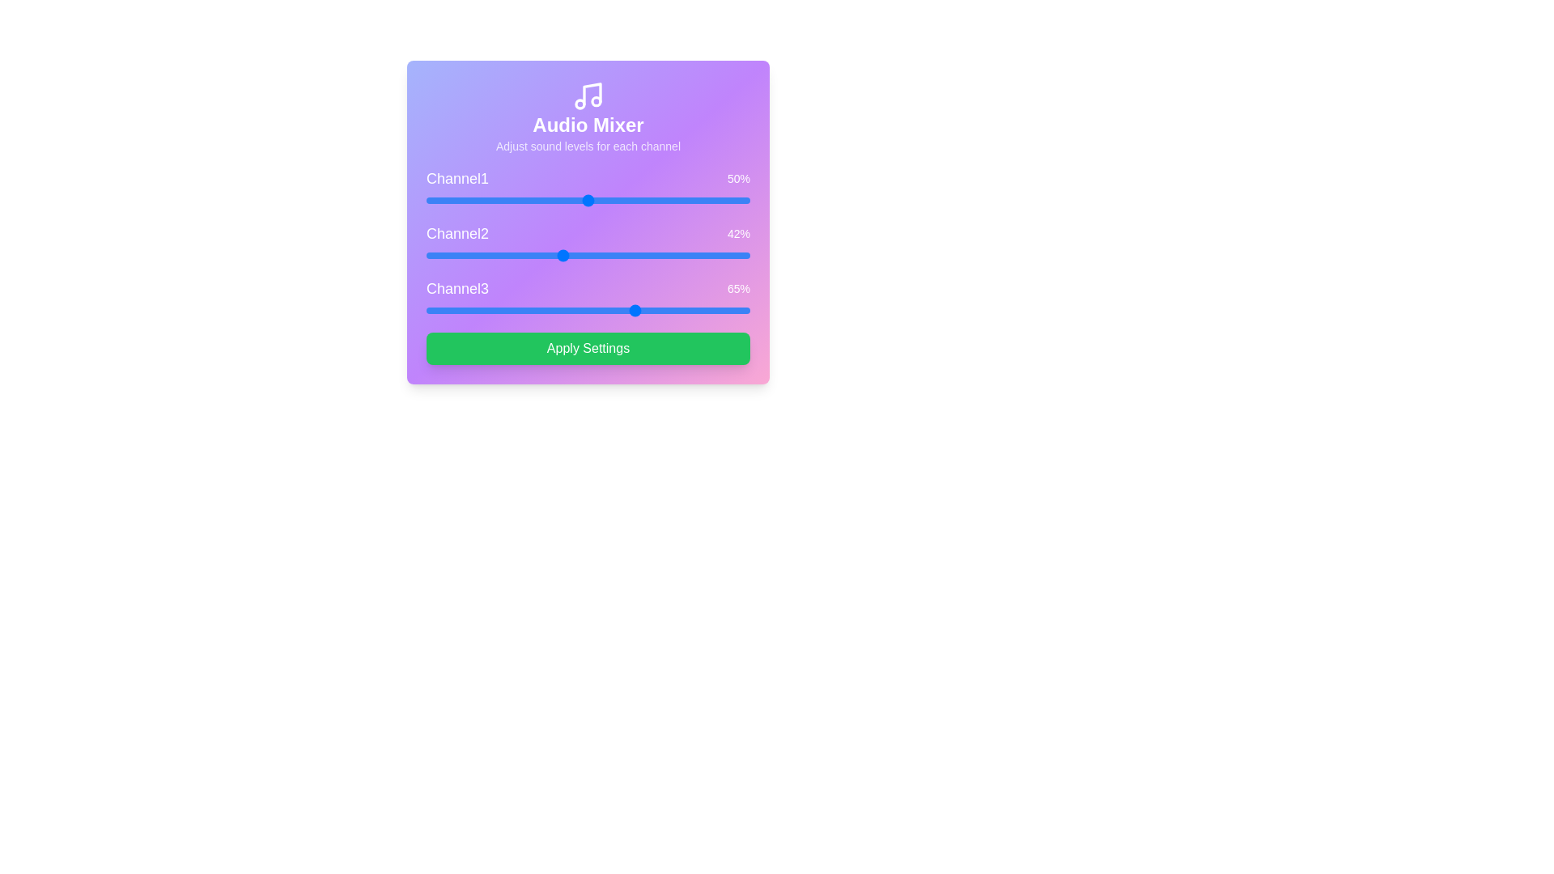  Describe the element at coordinates (555, 255) in the screenshot. I see `the volume of 2 to 40%` at that location.